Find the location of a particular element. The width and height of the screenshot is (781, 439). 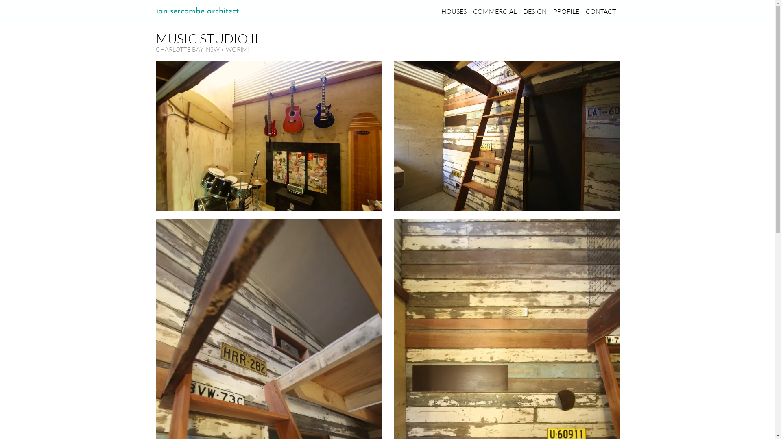

'CONTACT' is located at coordinates (601, 11).